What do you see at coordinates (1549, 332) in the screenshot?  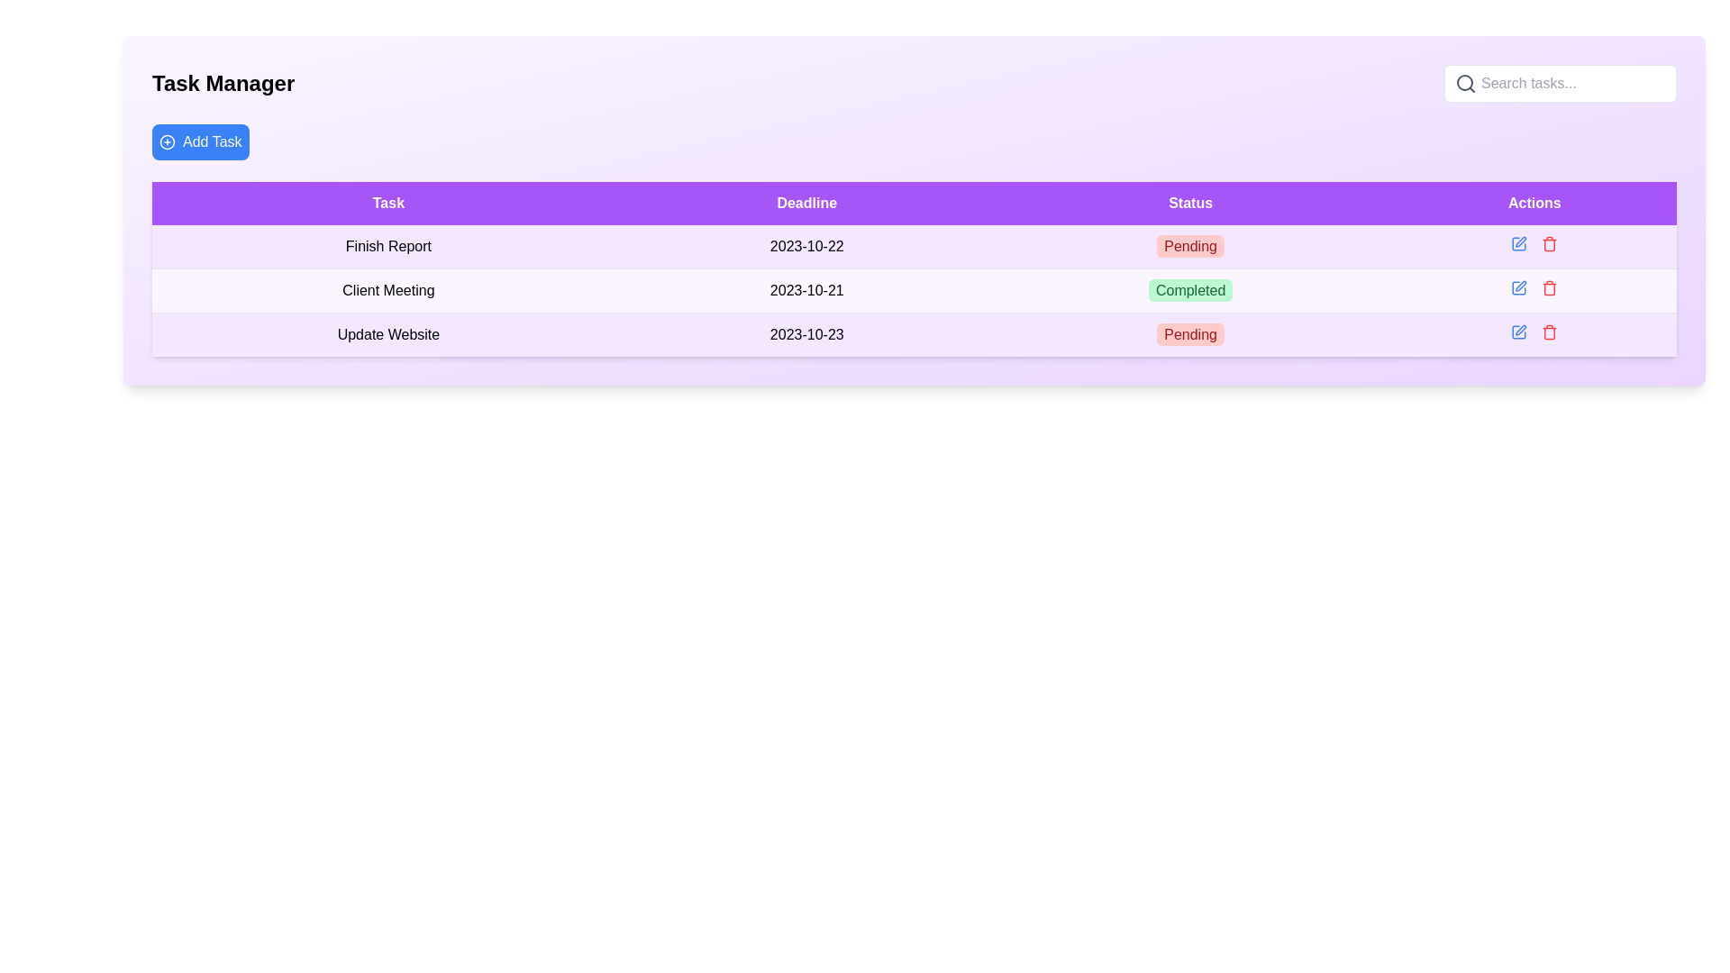 I see `the trash can icon button styled in red, located in the 'Actions' column for the last row corresponding to the task 'Update Website'` at bounding box center [1549, 332].